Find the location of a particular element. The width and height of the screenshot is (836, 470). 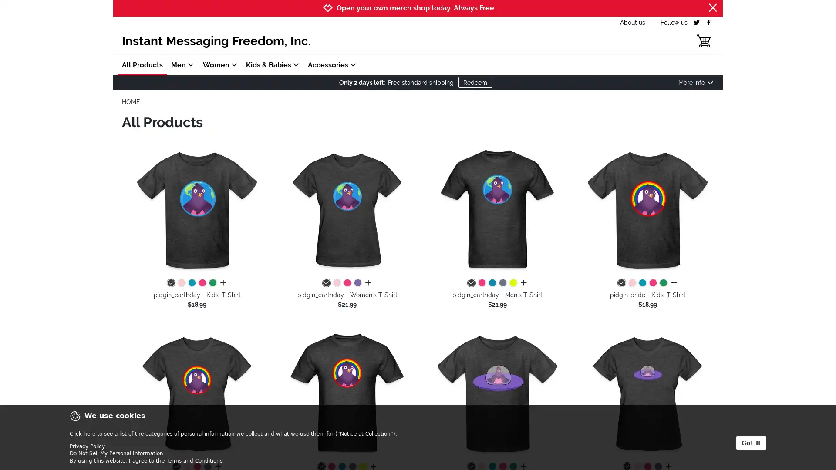

kelly green is located at coordinates (662, 283).